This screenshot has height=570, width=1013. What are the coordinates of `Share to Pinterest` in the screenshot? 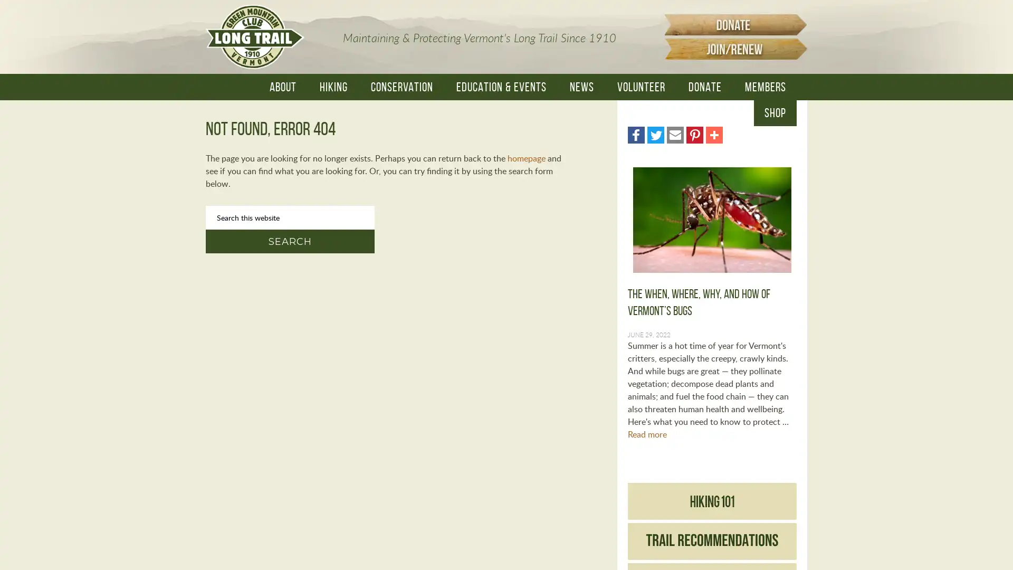 It's located at (694, 134).